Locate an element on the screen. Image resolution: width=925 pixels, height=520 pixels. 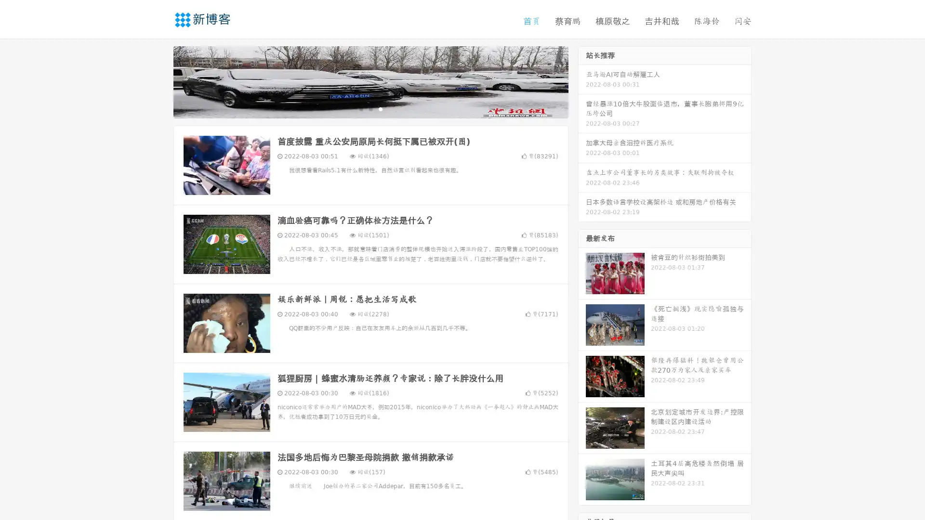
Go to slide 1 is located at coordinates (360, 108).